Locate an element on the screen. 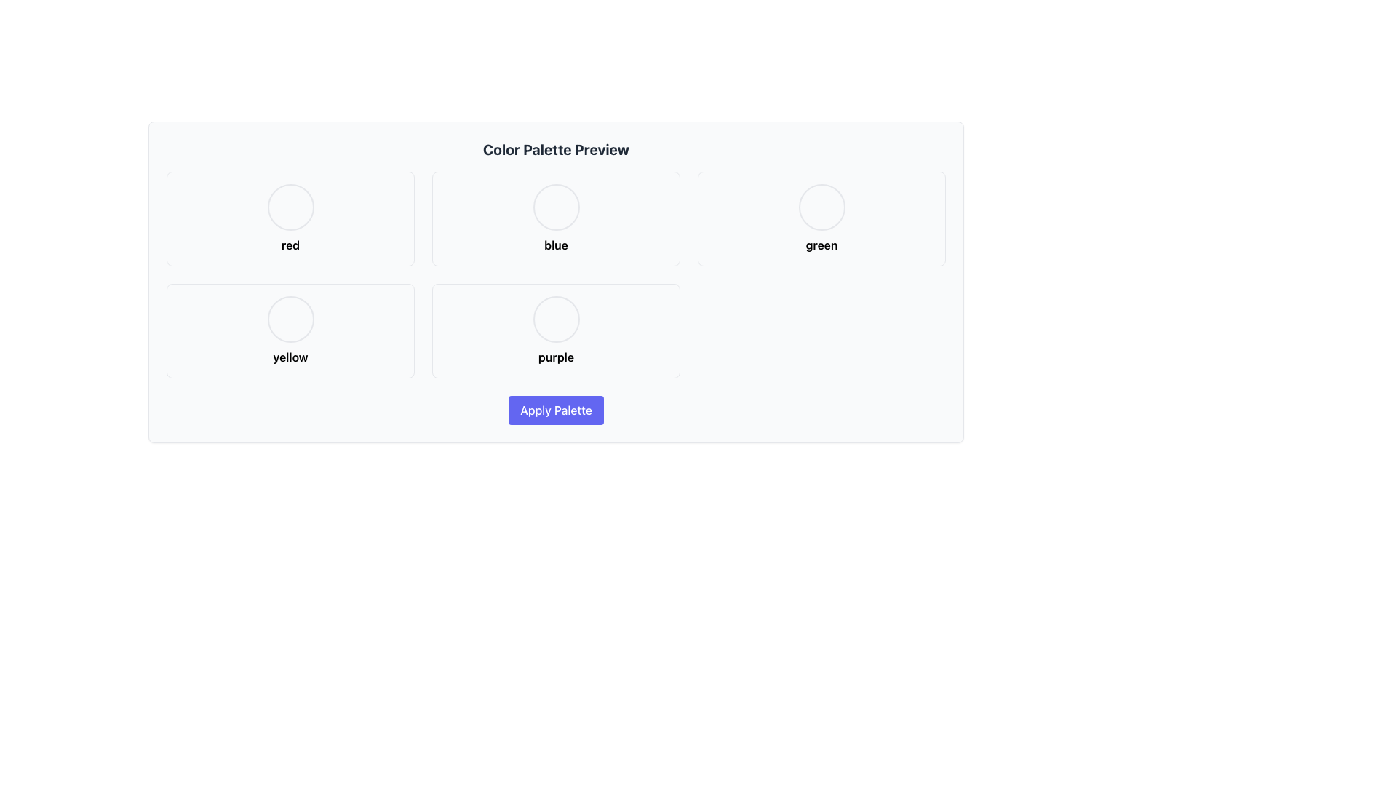  text from the text label that contains the word 'purple', which is styled with emphasis and located in the second row of the color palette grid under a circular shape is located at coordinates (555, 357).